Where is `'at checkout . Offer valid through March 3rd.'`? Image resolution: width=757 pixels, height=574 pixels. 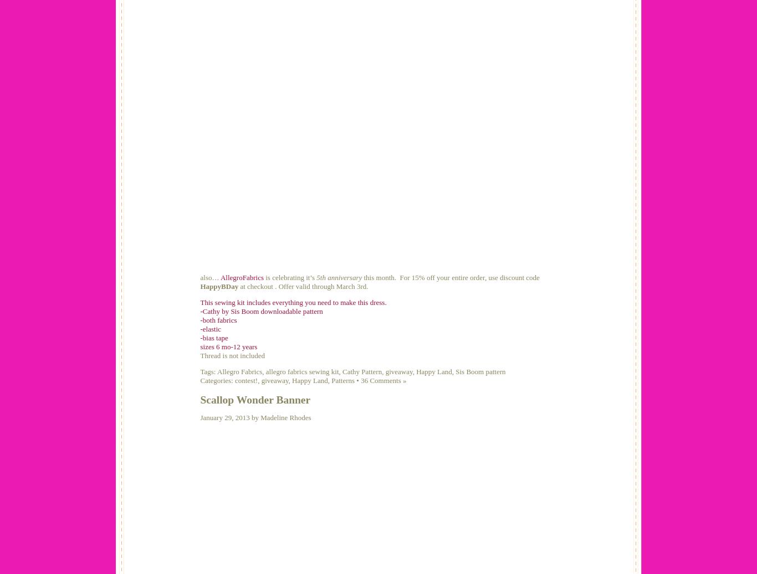
'at checkout . Offer valid through March 3rd.' is located at coordinates (303, 285).